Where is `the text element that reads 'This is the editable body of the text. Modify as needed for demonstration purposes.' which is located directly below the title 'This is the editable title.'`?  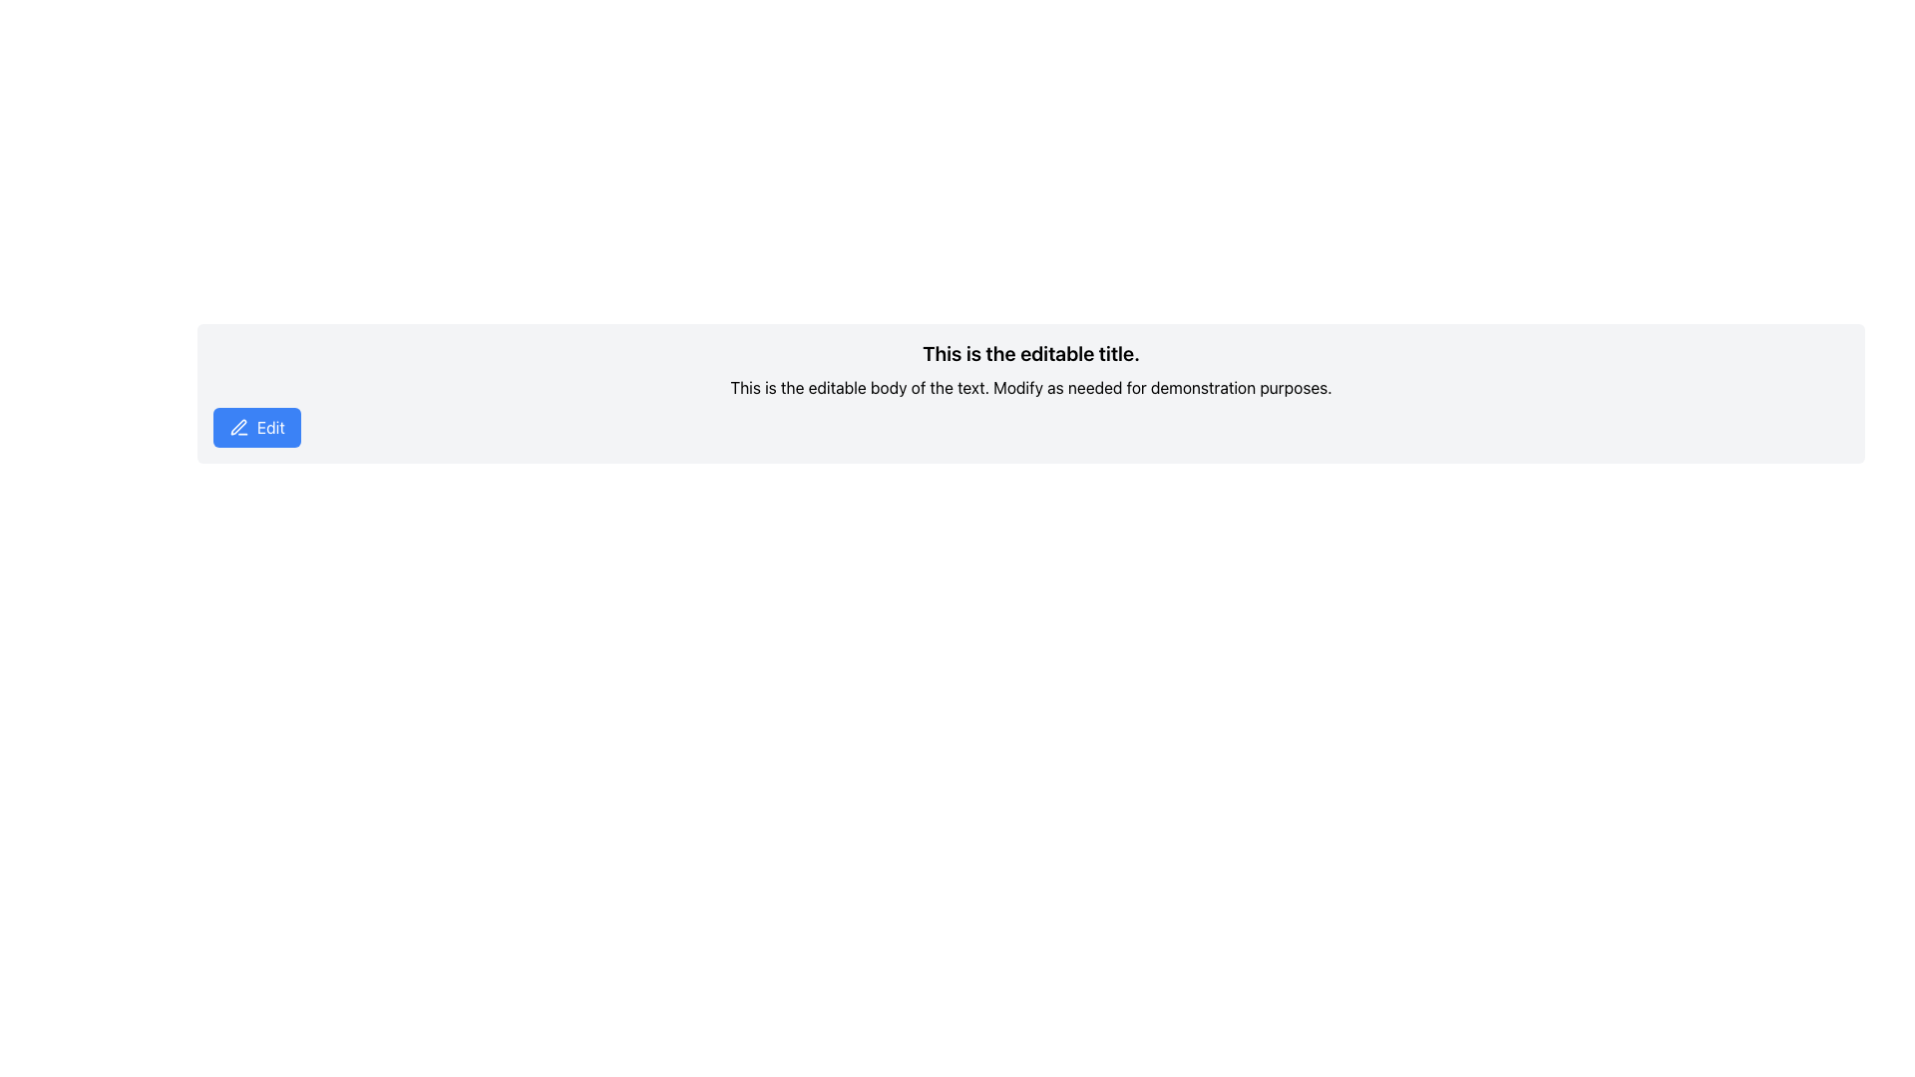
the text element that reads 'This is the editable body of the text. Modify as needed for demonstration purposes.' which is located directly below the title 'This is the editable title.' is located at coordinates (1030, 388).